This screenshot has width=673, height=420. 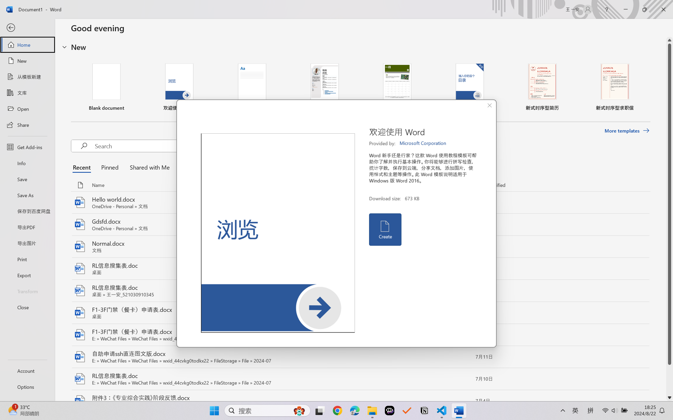 I want to click on 'Pinned', so click(x=109, y=167).